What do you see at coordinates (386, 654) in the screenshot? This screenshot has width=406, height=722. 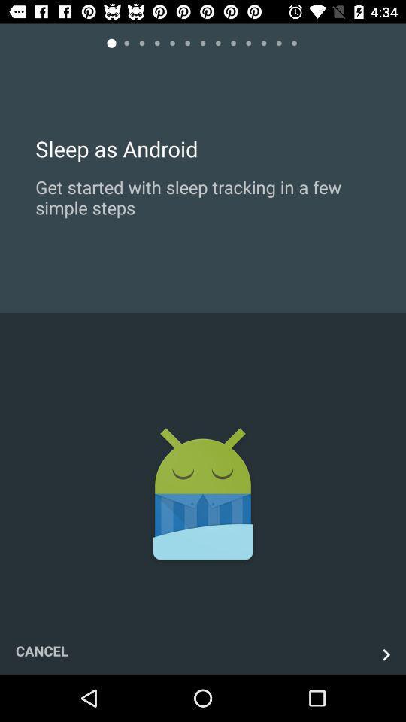 I see `next screen arrow` at bounding box center [386, 654].